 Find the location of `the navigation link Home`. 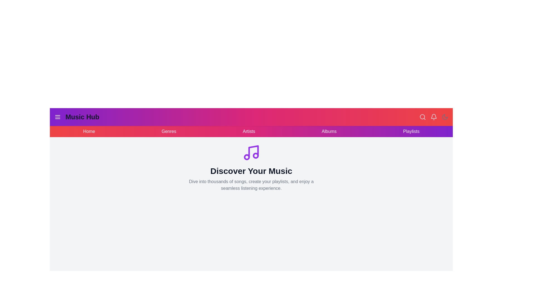

the navigation link Home is located at coordinates (89, 131).